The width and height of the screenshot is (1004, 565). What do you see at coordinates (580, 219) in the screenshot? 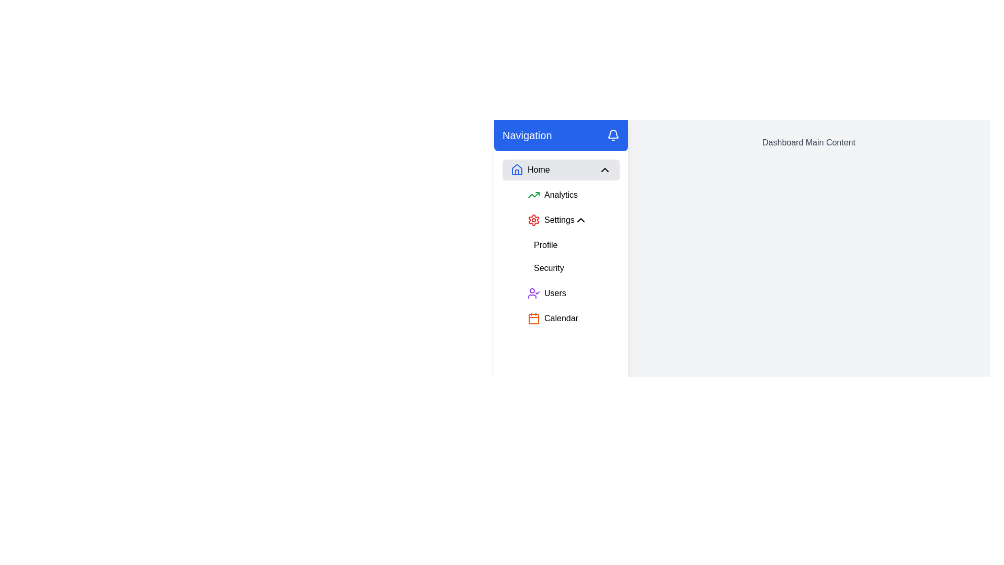
I see `the upward-pointing chevron icon located to the right of the 'Settings' text in the sidebar menu` at bounding box center [580, 219].